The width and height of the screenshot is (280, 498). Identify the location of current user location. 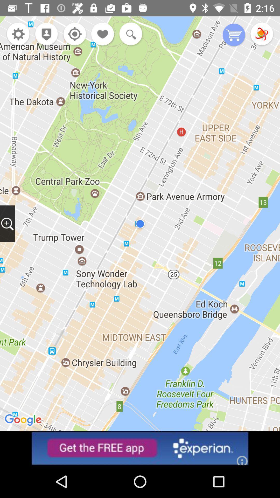
(73, 34).